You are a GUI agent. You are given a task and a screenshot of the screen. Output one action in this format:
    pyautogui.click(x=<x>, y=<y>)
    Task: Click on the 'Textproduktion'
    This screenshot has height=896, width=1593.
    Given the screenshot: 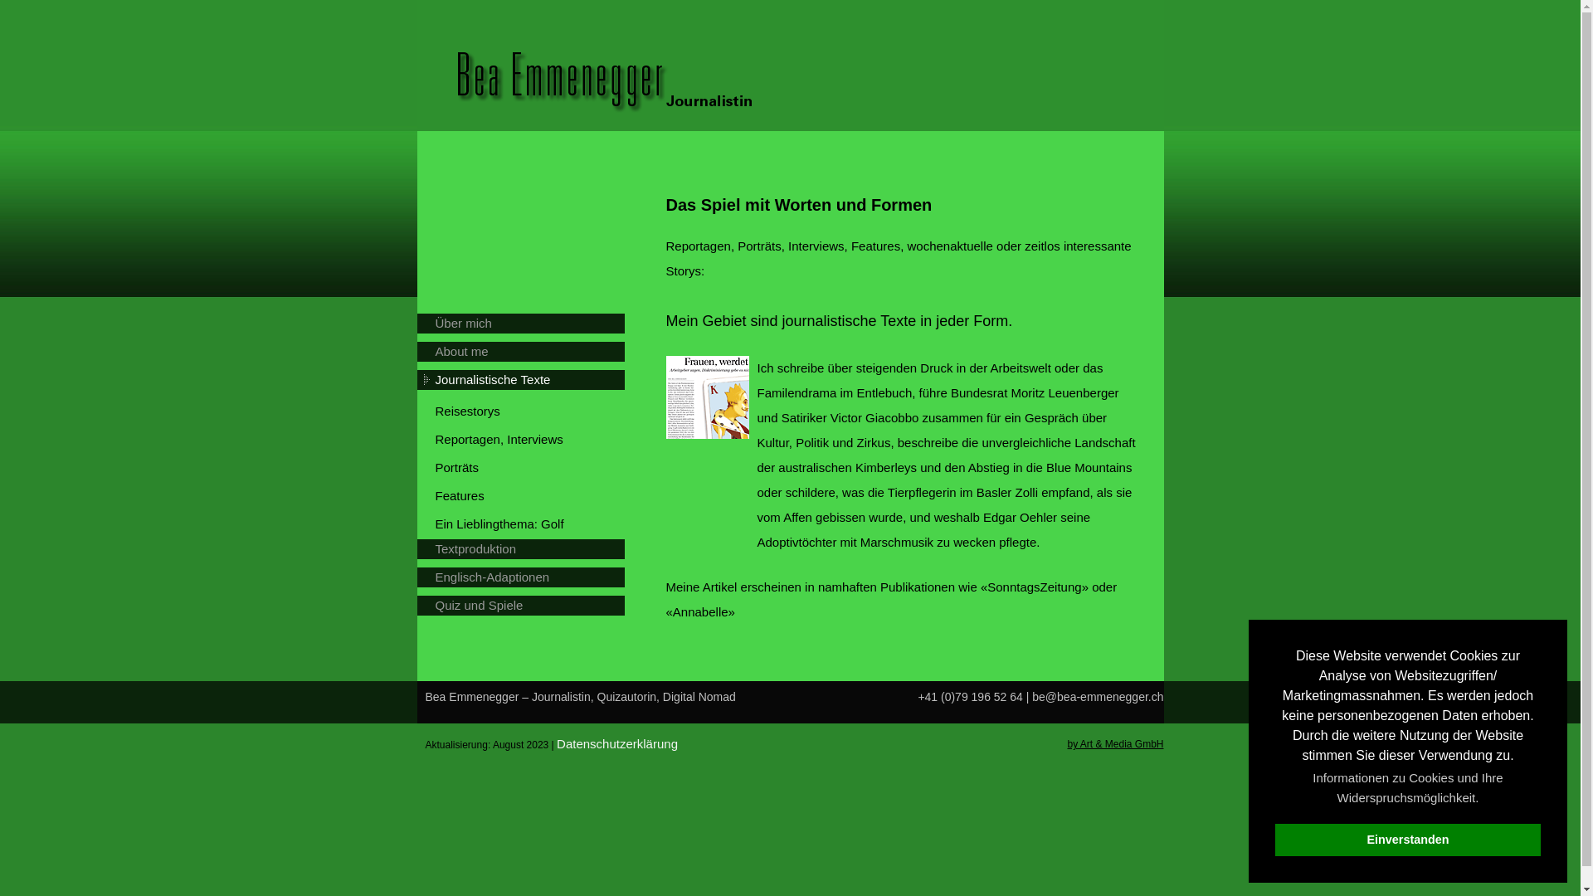 What is the action you would take?
    pyautogui.click(x=526, y=549)
    